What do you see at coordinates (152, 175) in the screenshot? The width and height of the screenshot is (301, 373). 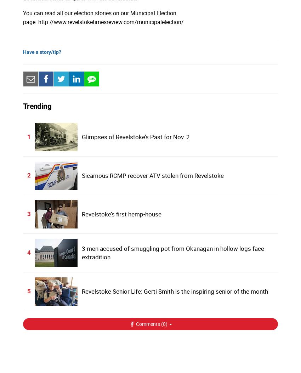 I see `'Sicamous RCMP recover ATV stolen from Revelstoke'` at bounding box center [152, 175].